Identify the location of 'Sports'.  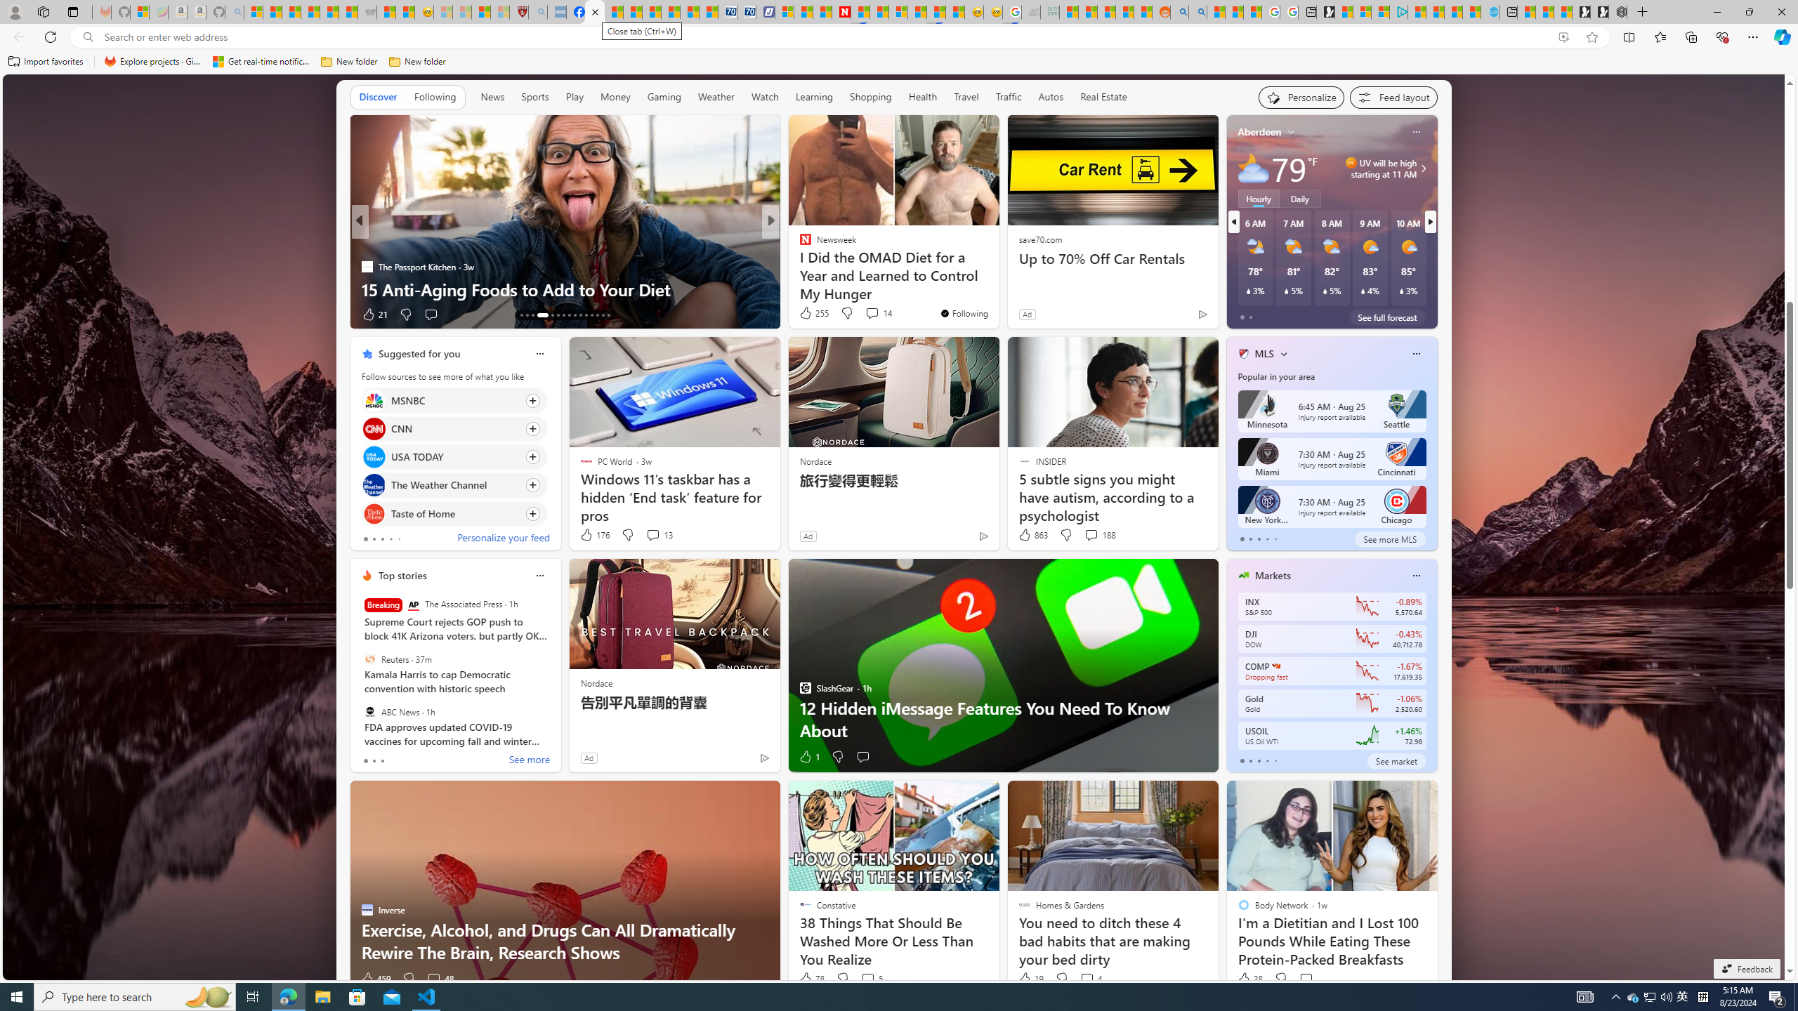
(534, 97).